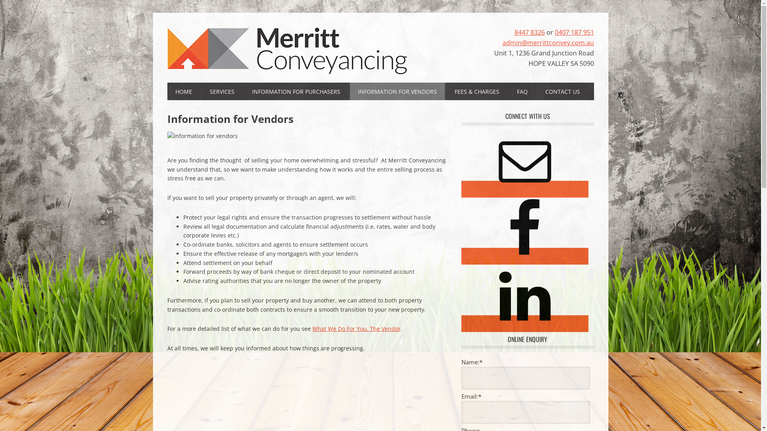 The width and height of the screenshot is (767, 431). What do you see at coordinates (350, 91) in the screenshot?
I see `'INFORMATION FOR VENDORS'` at bounding box center [350, 91].